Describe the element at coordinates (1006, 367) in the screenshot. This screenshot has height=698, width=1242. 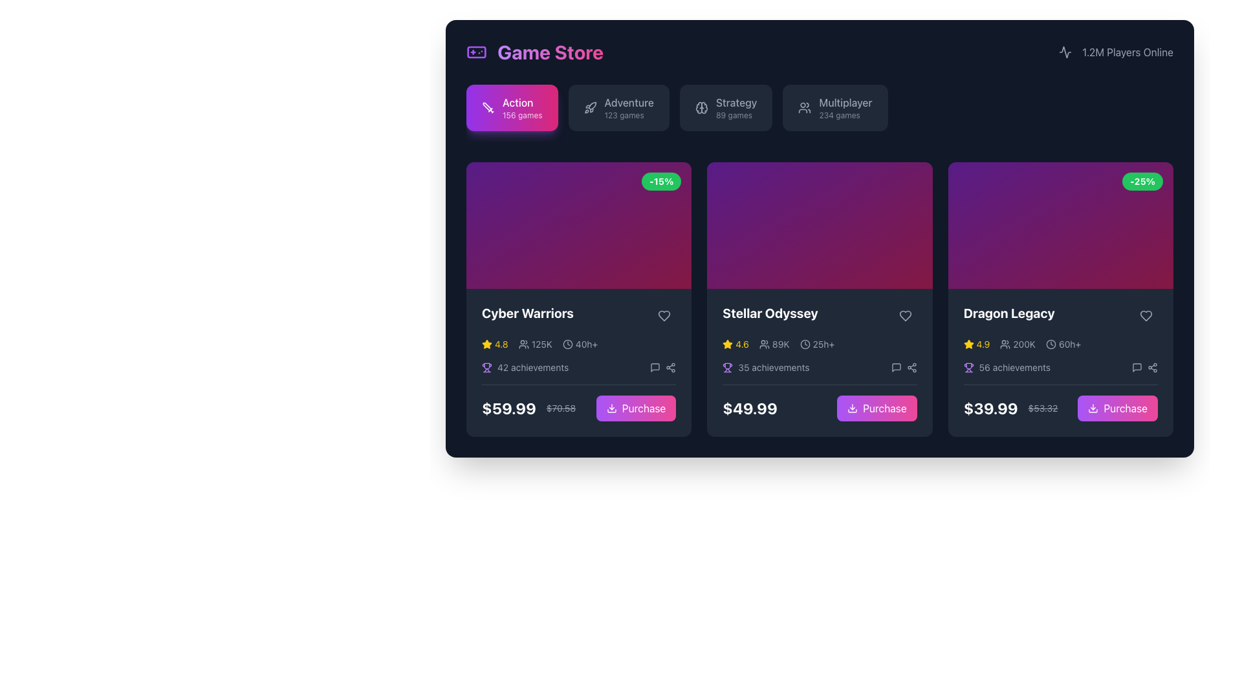
I see `the text label that displays '56 achievements' with a trophy icon, located in the third card titled 'Dragon Legacy', positioned above the pricing and purchase section` at that location.